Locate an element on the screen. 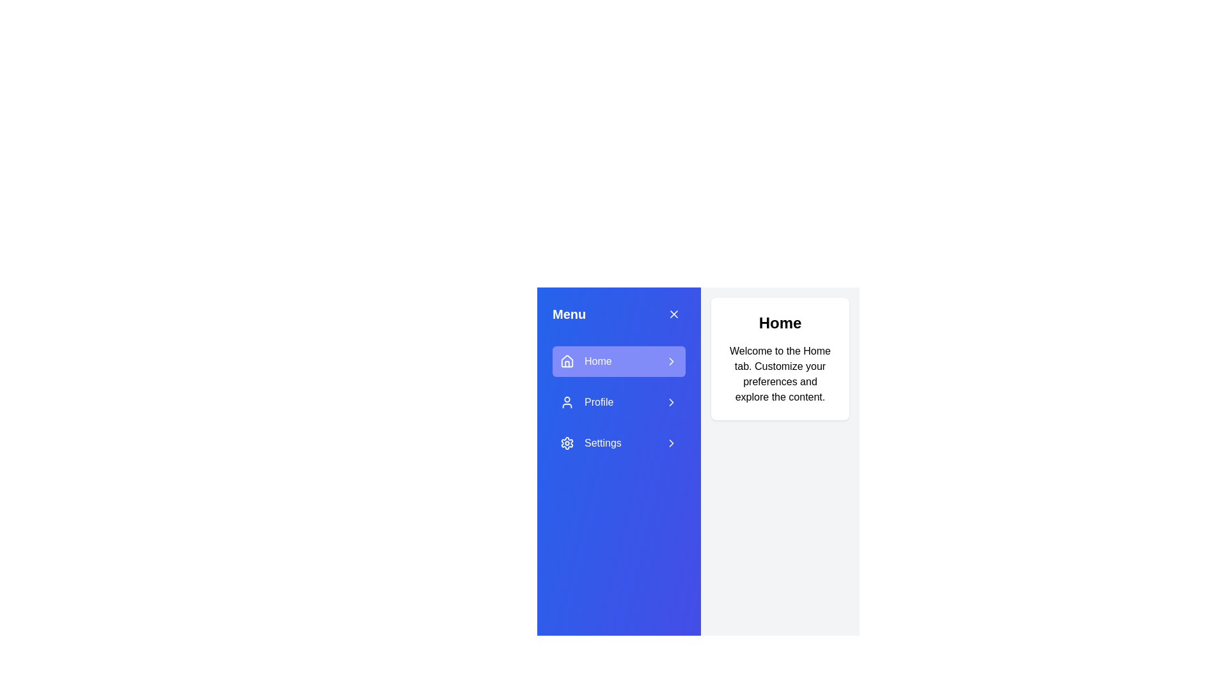 Image resolution: width=1228 pixels, height=690 pixels. the user icon in the vertical menu to interact with the 'Profile' menu option is located at coordinates (567, 401).